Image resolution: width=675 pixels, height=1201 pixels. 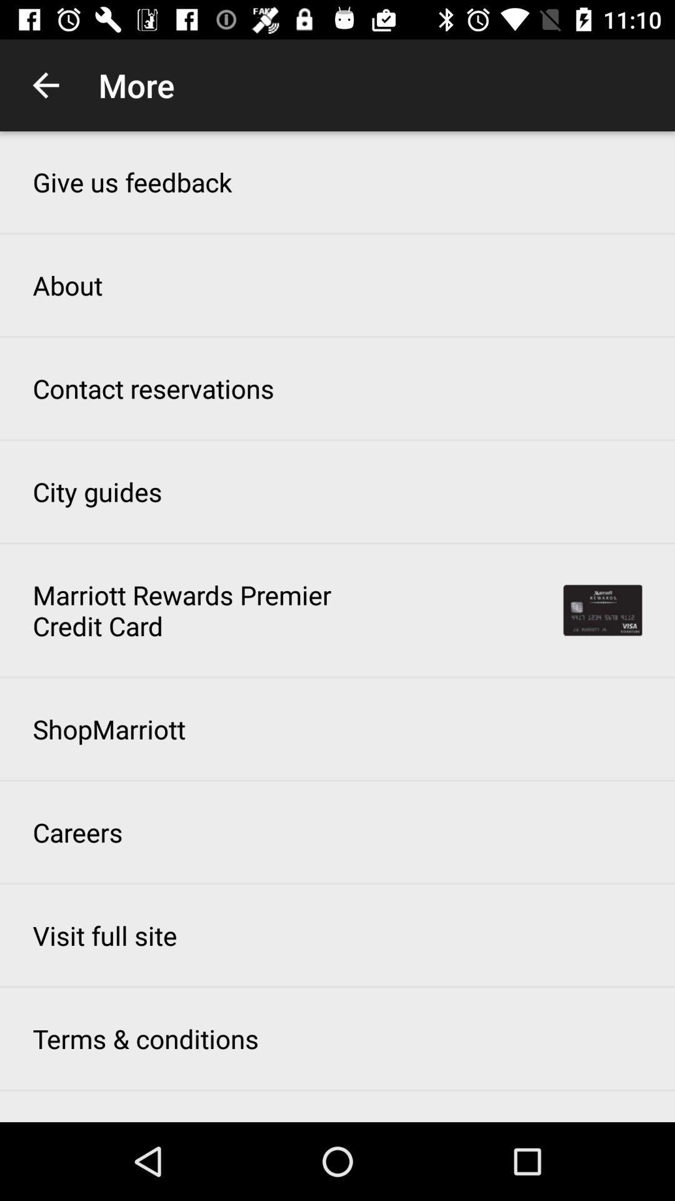 What do you see at coordinates (104, 935) in the screenshot?
I see `the item below careers icon` at bounding box center [104, 935].